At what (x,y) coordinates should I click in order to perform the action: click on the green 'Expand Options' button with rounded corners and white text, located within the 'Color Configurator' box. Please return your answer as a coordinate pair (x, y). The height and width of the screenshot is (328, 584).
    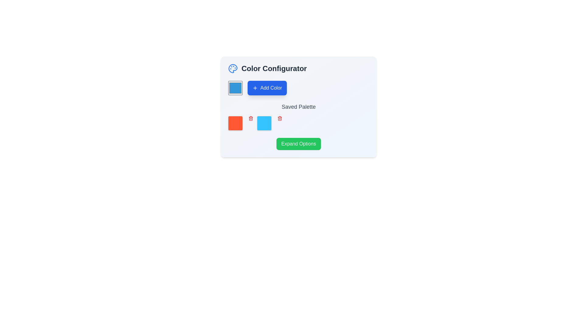
    Looking at the image, I should click on (299, 144).